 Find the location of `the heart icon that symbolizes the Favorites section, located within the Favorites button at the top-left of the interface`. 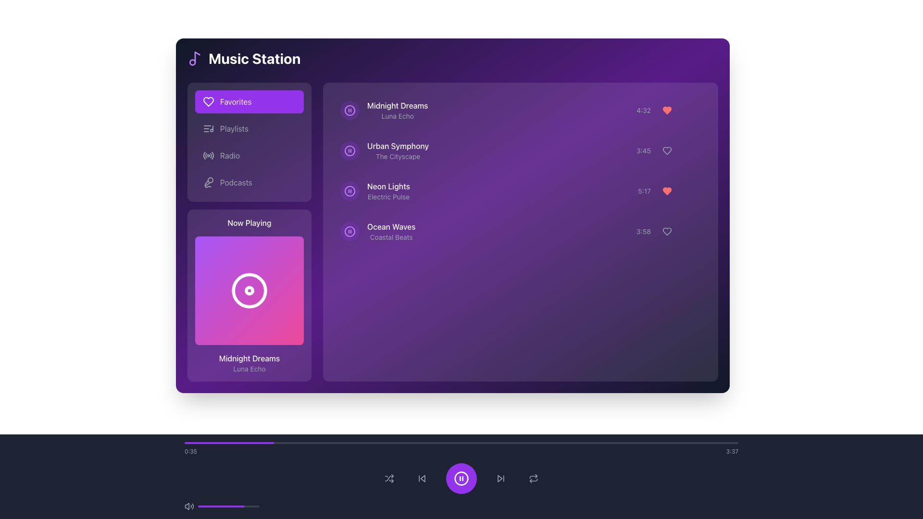

the heart icon that symbolizes the Favorites section, located within the Favorites button at the top-left of the interface is located at coordinates (208, 102).